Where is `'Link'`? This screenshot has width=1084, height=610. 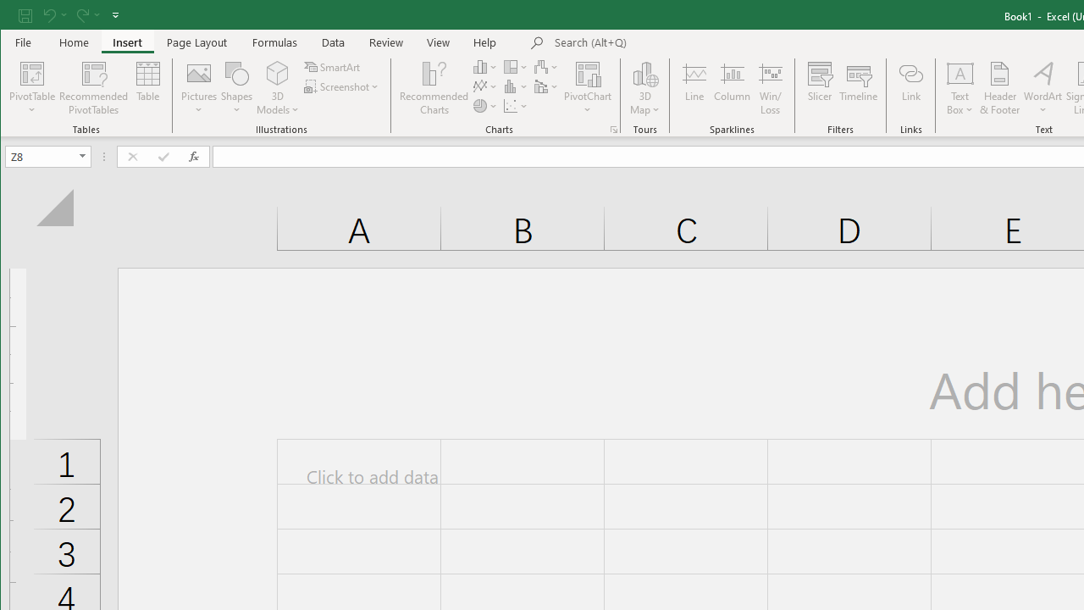 'Link' is located at coordinates (910, 88).